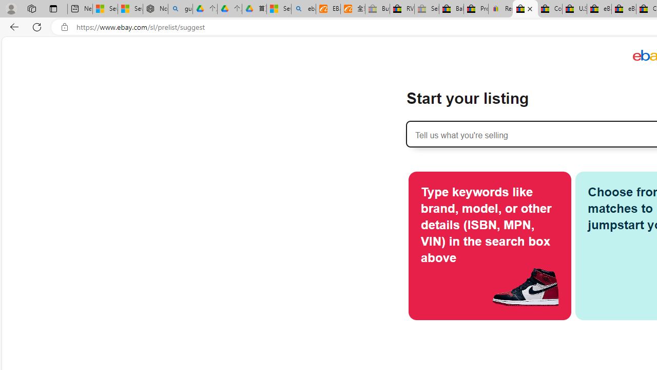 This screenshot has height=370, width=657. I want to click on 'Press Room - eBay Inc.', so click(475, 9).